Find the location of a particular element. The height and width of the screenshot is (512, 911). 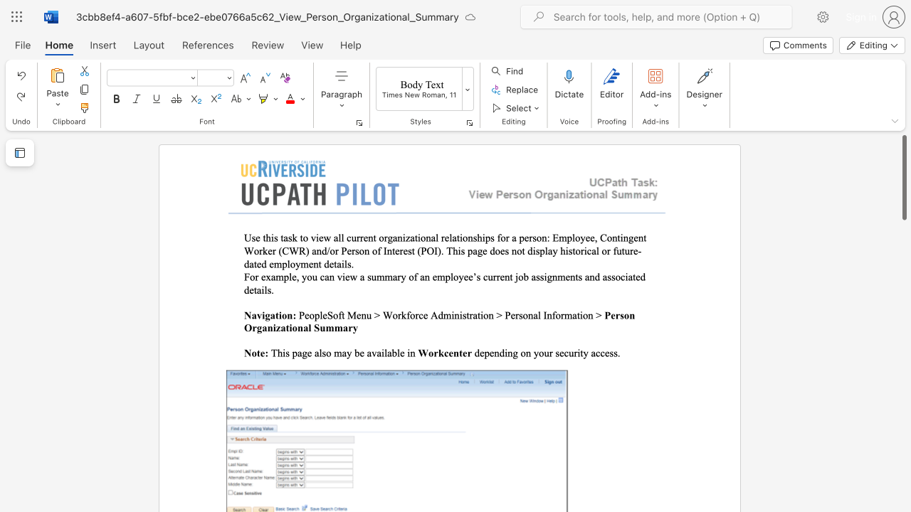

the subset text "his" within the text "This page also may be available in" is located at coordinates (277, 352).